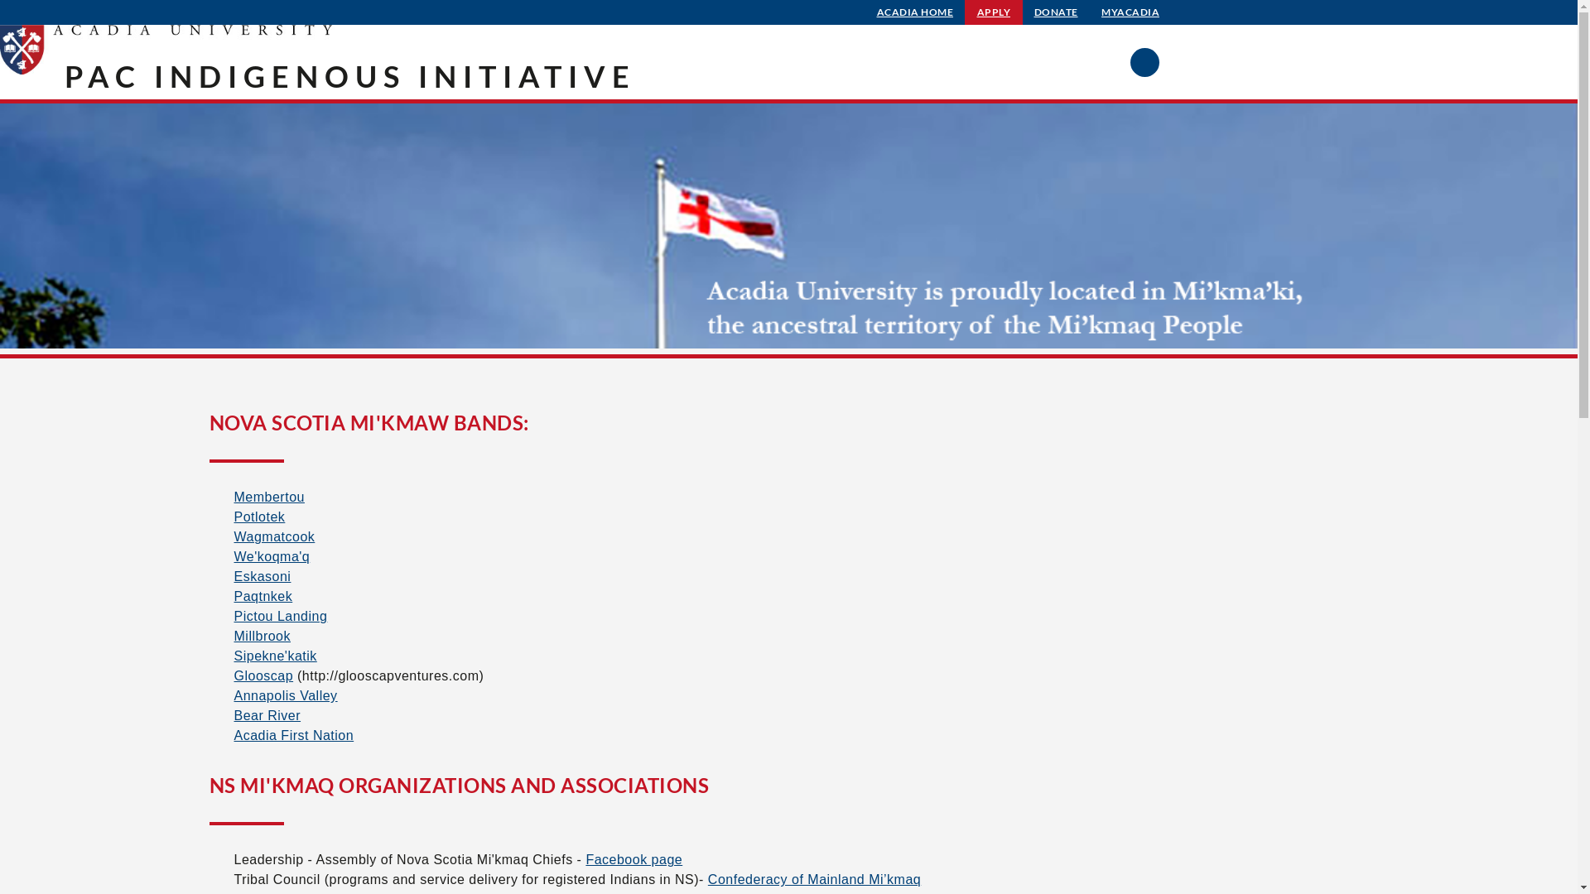 The width and height of the screenshot is (1590, 894). What do you see at coordinates (349, 76) in the screenshot?
I see `'PAC INDIGENOUS INITIATIVE'` at bounding box center [349, 76].